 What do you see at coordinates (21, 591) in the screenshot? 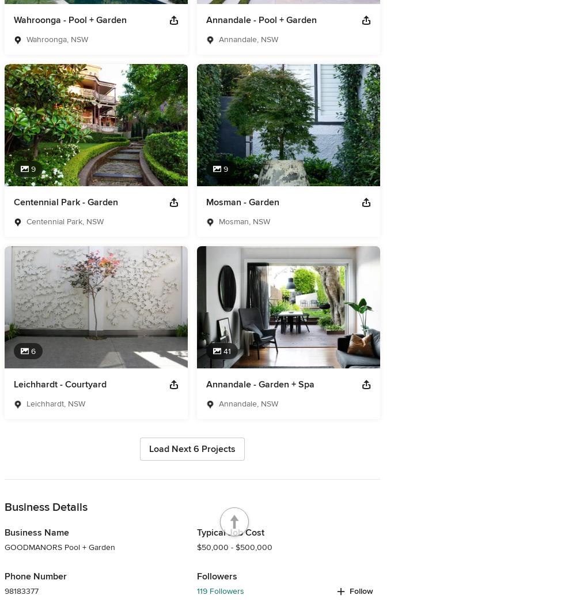
I see `'98183377'` at bounding box center [21, 591].